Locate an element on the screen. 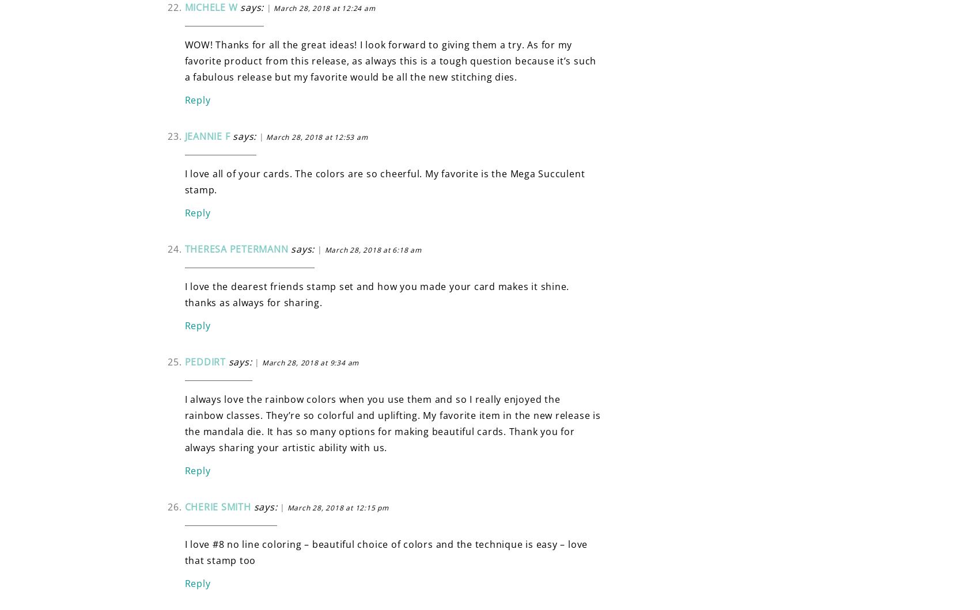 Image resolution: width=980 pixels, height=610 pixels. 'WOW!  Thanks for all the great ideas!  I look forward to giving them a try.  As for my favorite product from this release, as always this is a tough question because it’s such a fabulous release but my favorite would be all the new stitching dies.' is located at coordinates (389, 60).